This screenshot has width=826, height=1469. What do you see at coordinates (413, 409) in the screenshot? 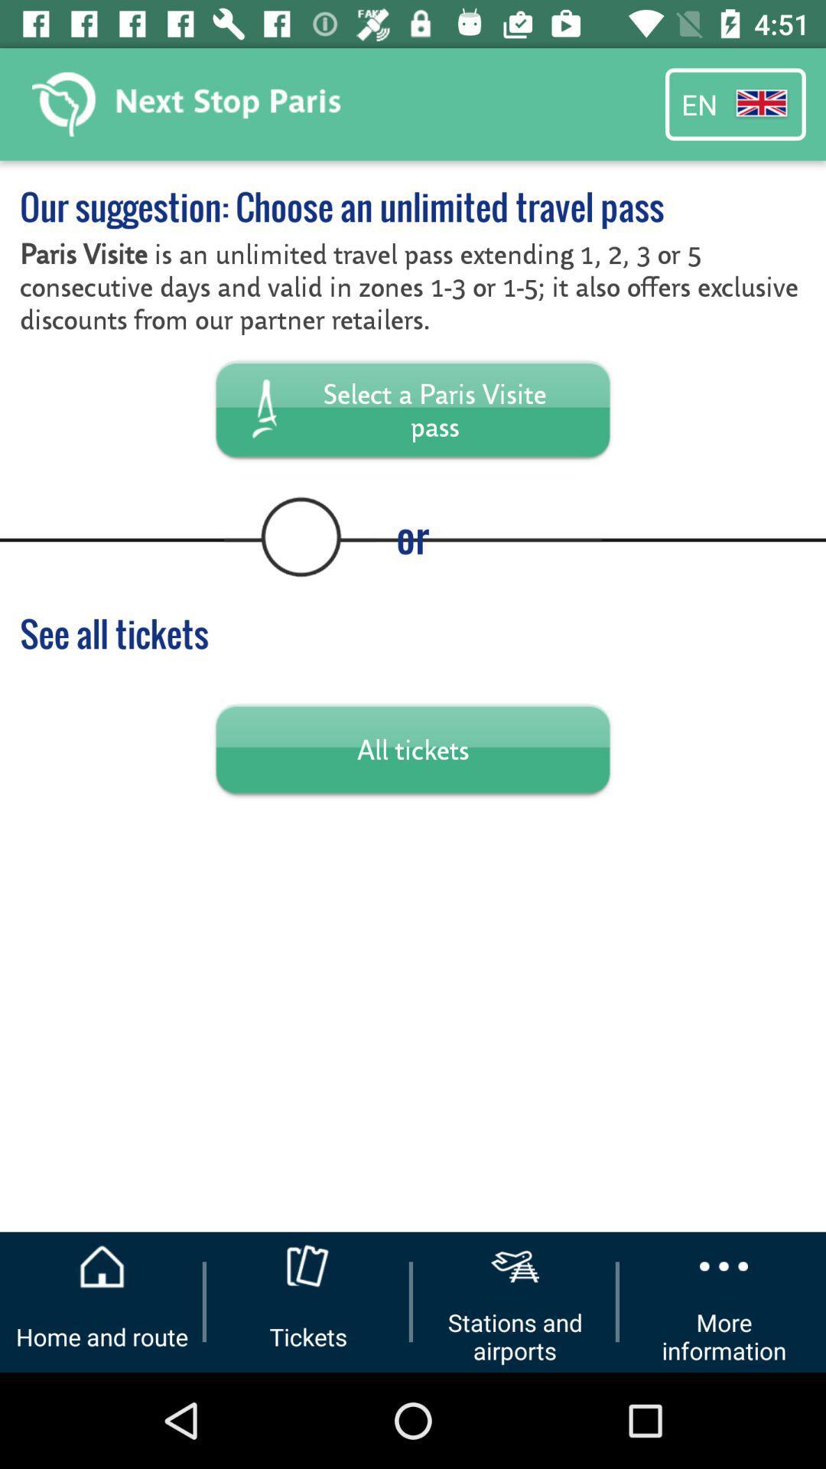
I see `the select a paris` at bounding box center [413, 409].